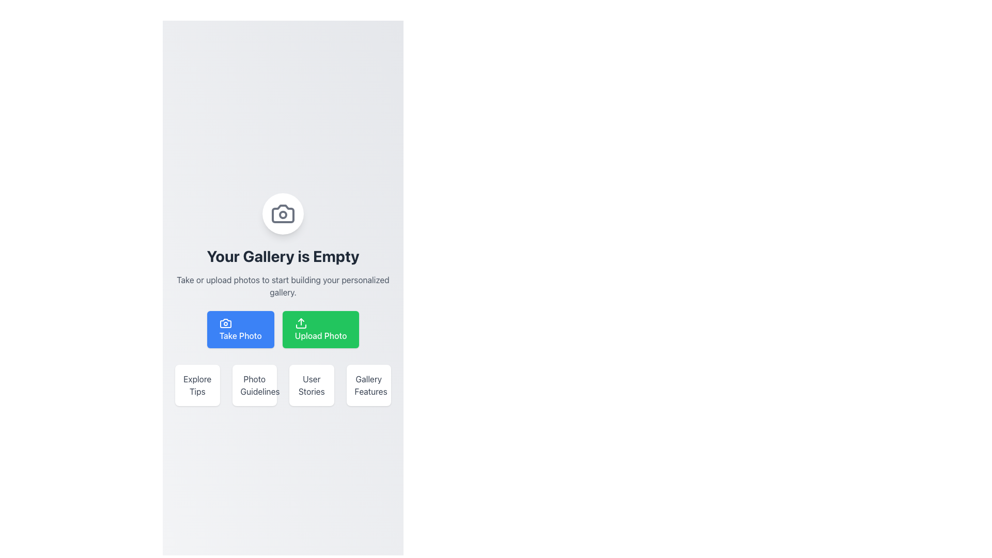 Image resolution: width=992 pixels, height=558 pixels. What do you see at coordinates (300, 327) in the screenshot?
I see `the Decorative icon component of the 'Upload Photo' button, which is the bottom-most part of the icon group and is visually represented in green` at bounding box center [300, 327].